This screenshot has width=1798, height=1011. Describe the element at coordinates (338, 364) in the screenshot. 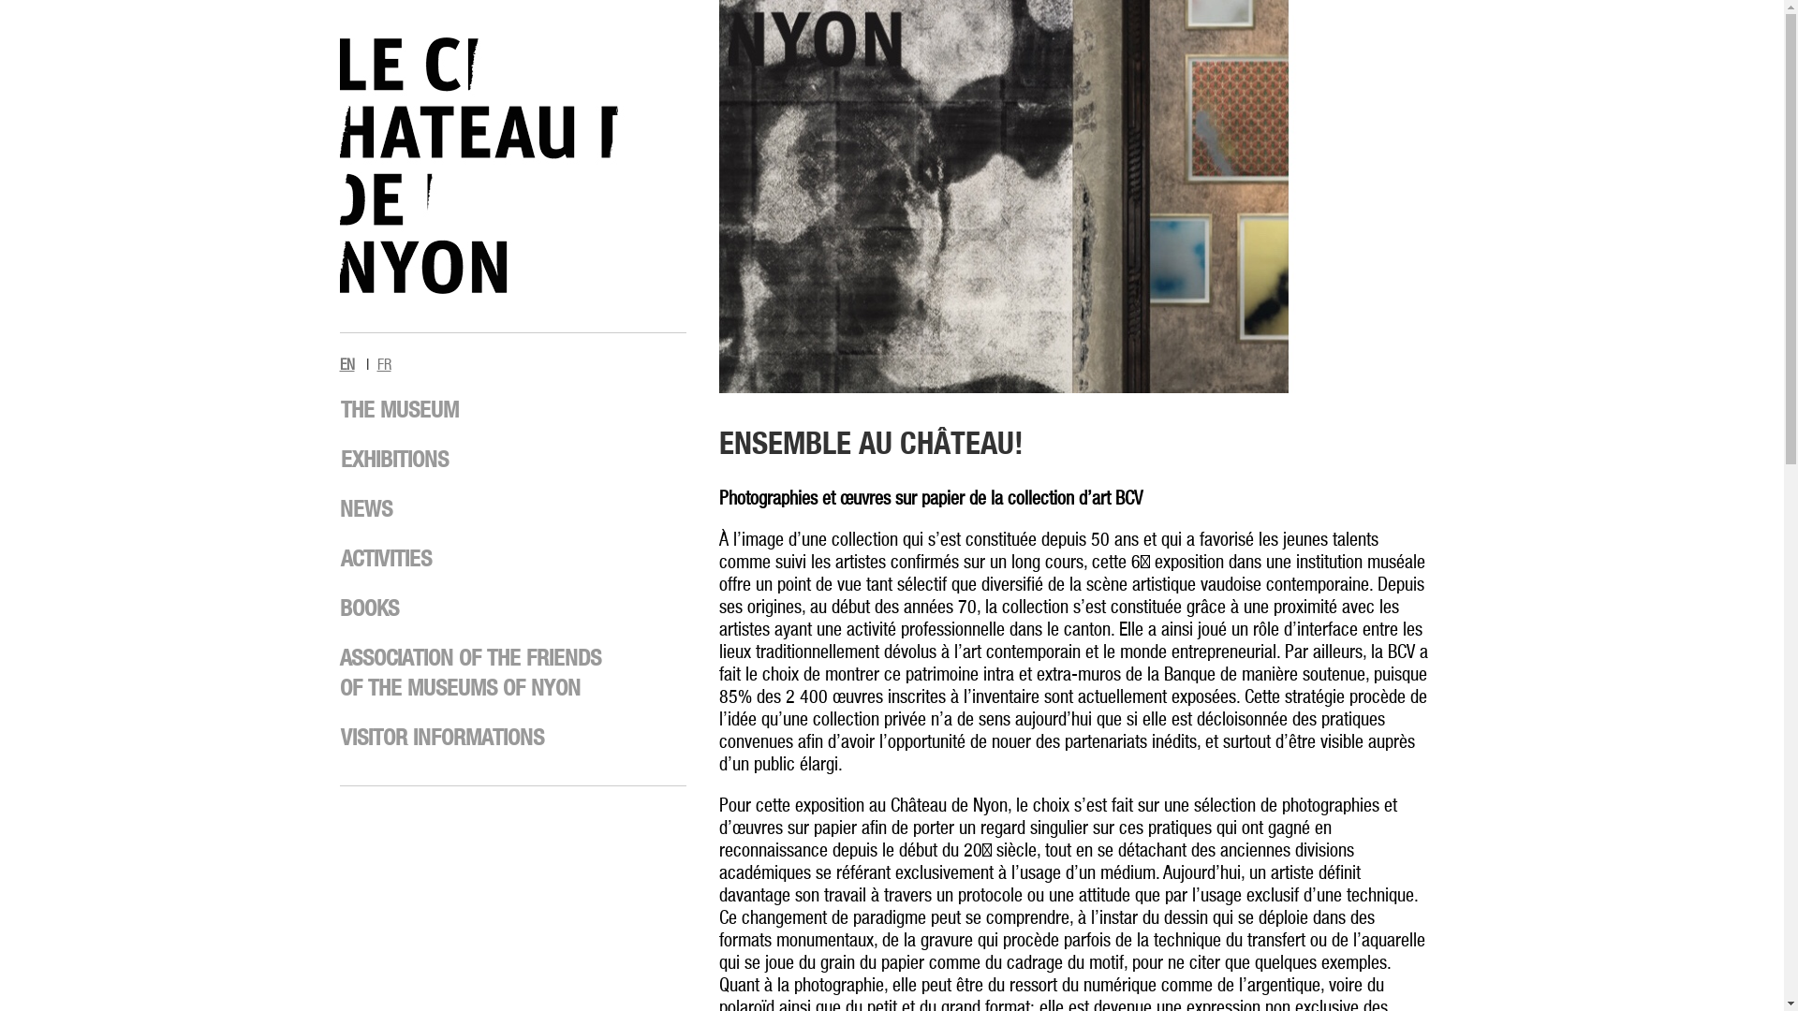

I see `'EN'` at that location.